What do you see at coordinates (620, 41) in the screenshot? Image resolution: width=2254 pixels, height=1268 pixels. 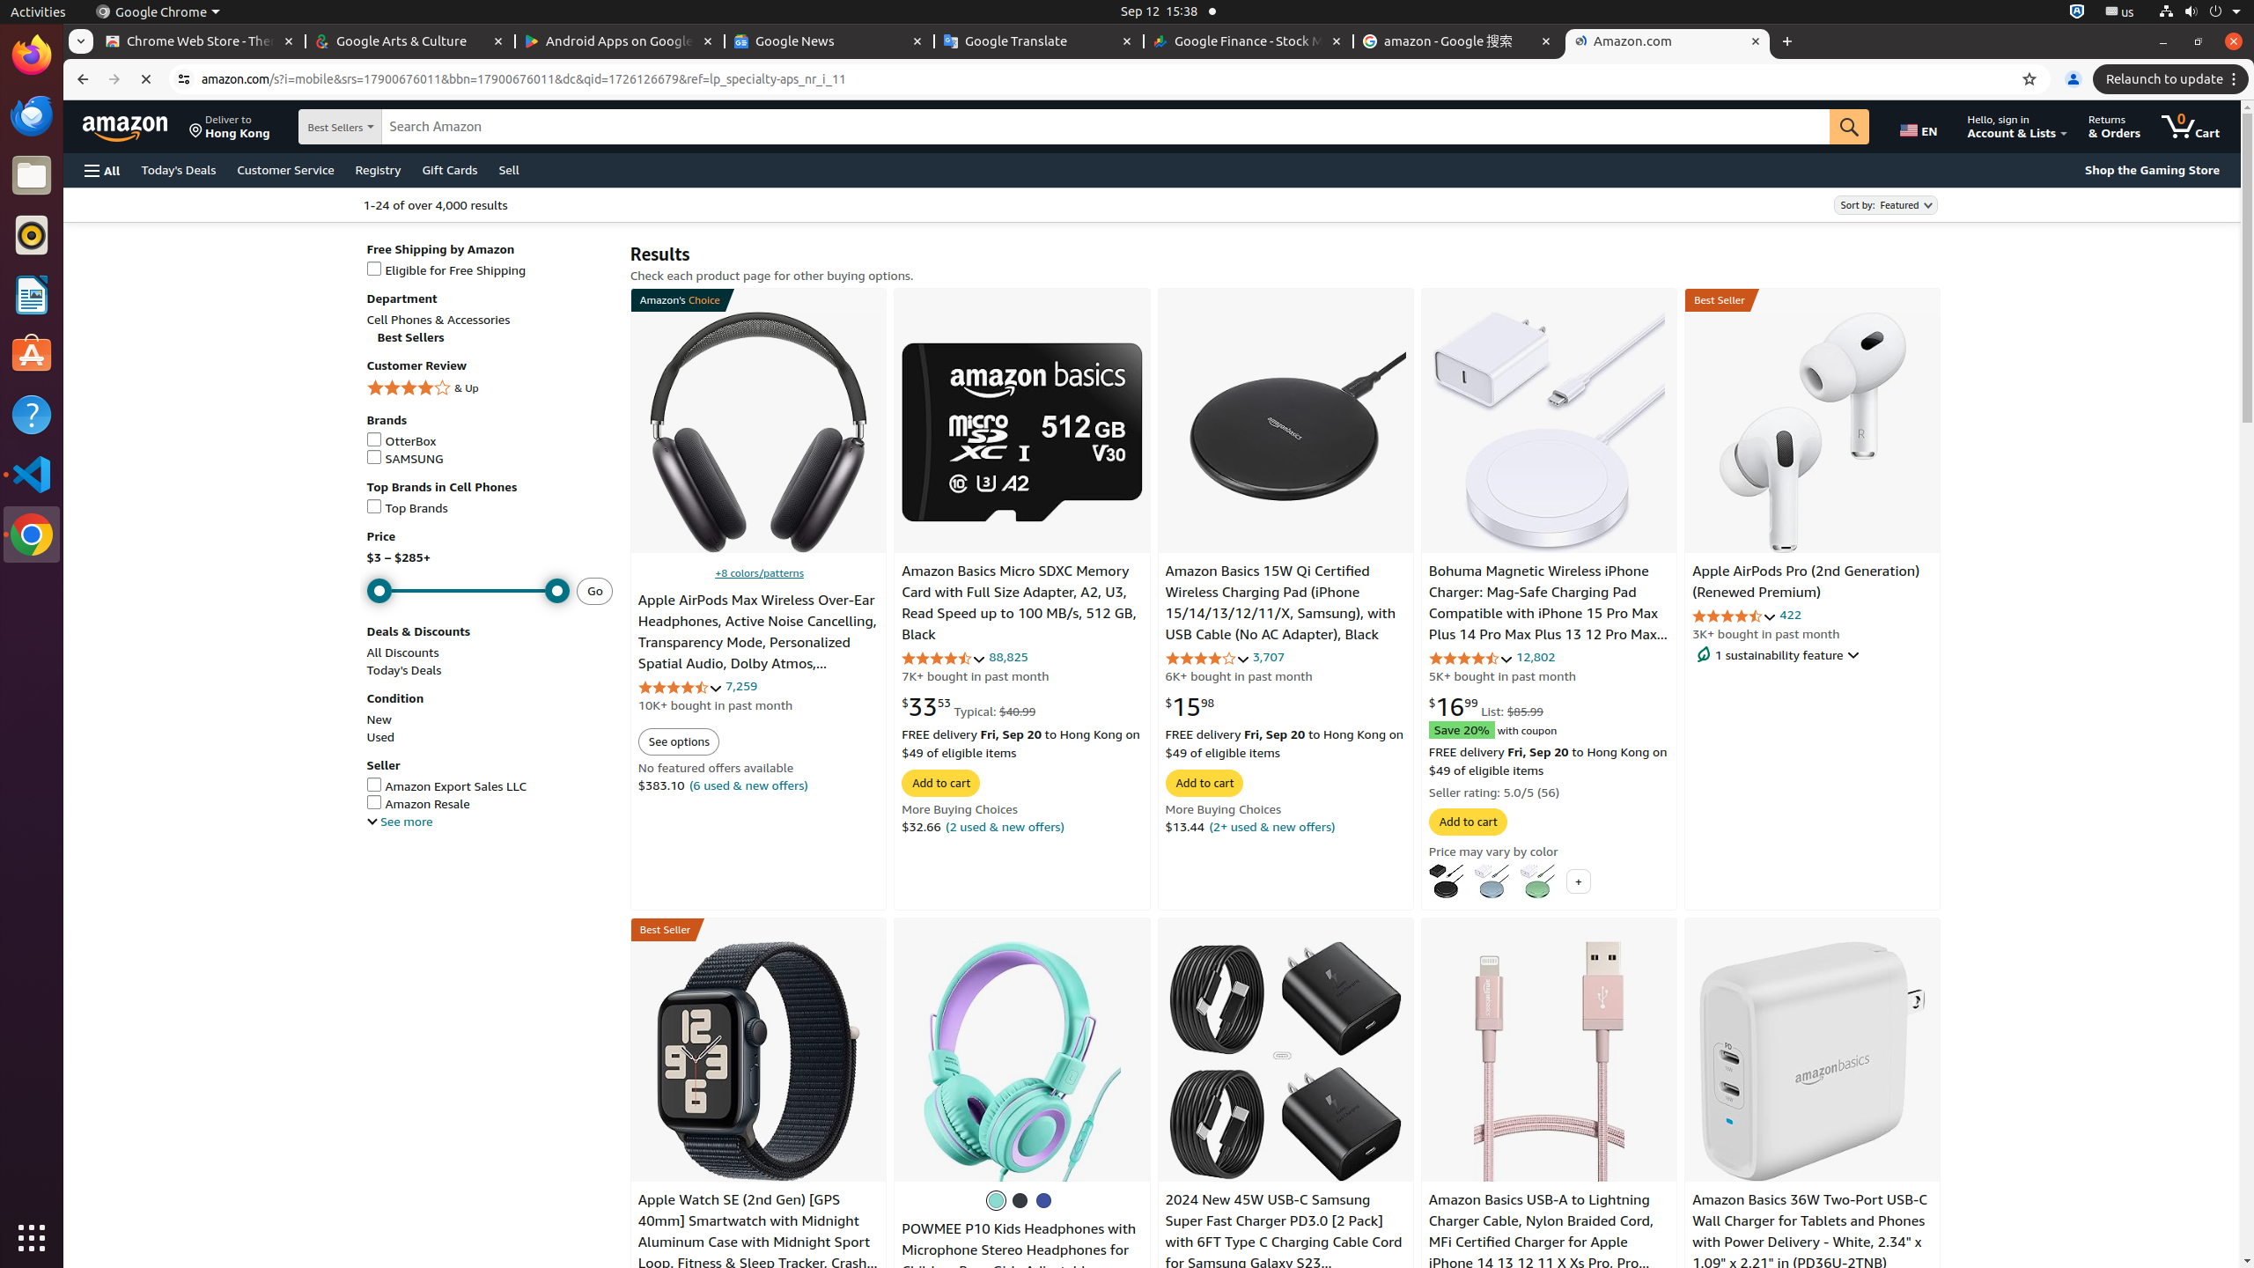 I see `'Android Apps on Google Play - Memory usage - 60.6 MB'` at bounding box center [620, 41].